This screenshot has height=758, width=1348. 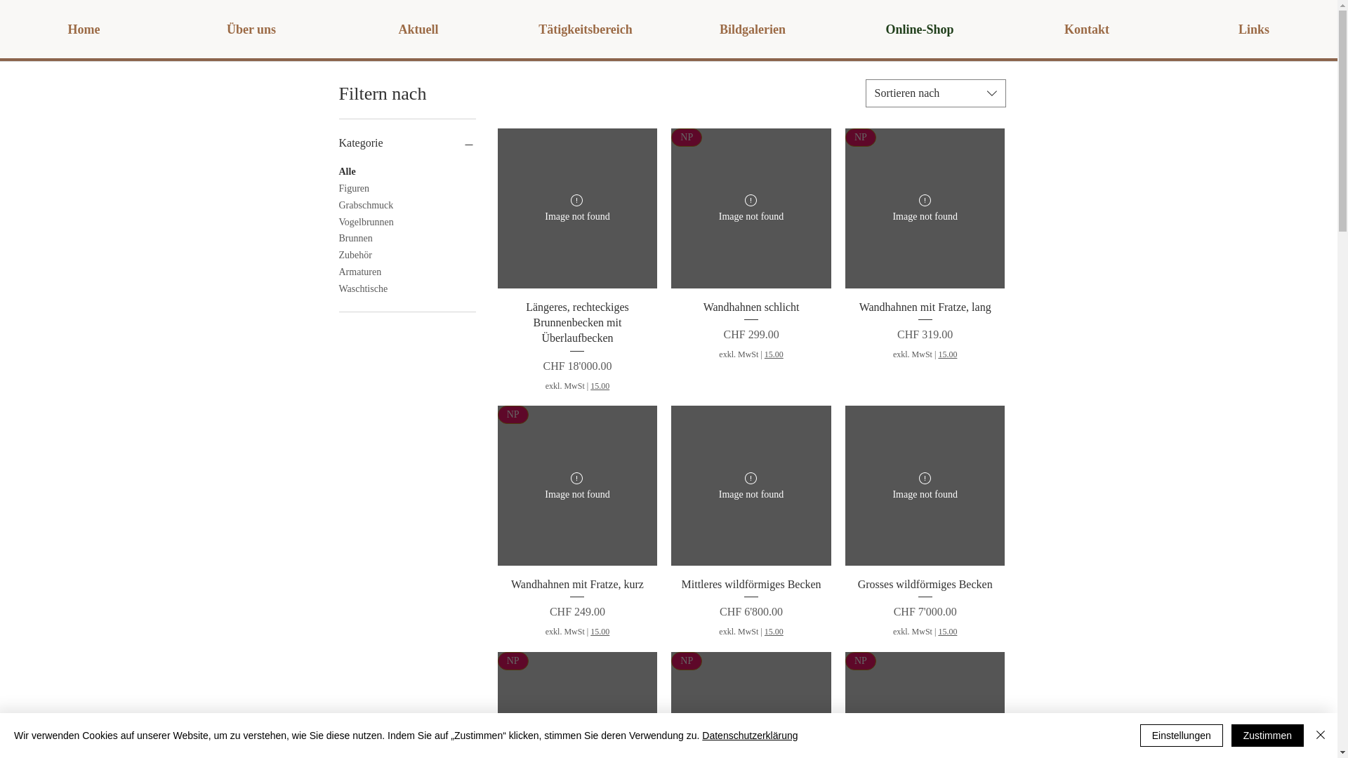 I want to click on 'Einstellungen', so click(x=1181, y=735).